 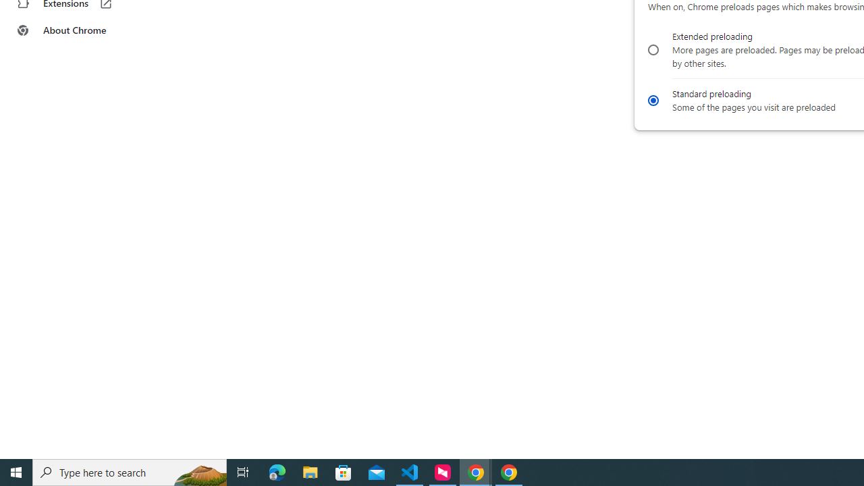 What do you see at coordinates (83, 30) in the screenshot?
I see `'About Chrome'` at bounding box center [83, 30].